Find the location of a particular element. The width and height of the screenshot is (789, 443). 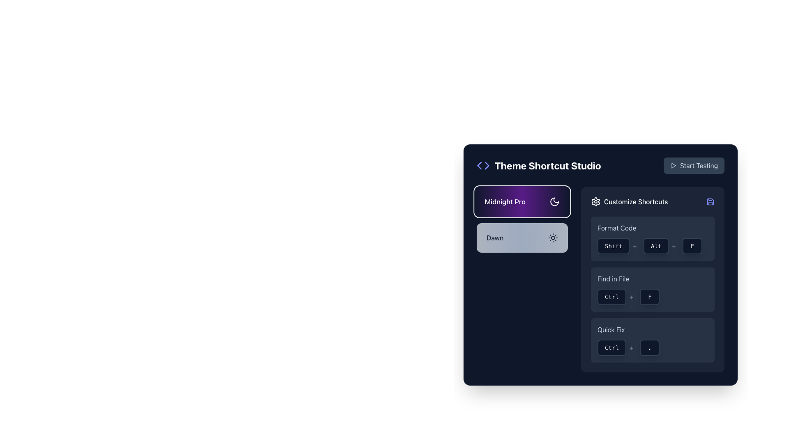

the Save icon button located to the right of the 'Customize Shortcuts' text to receive a tooltip is located at coordinates (710, 202).